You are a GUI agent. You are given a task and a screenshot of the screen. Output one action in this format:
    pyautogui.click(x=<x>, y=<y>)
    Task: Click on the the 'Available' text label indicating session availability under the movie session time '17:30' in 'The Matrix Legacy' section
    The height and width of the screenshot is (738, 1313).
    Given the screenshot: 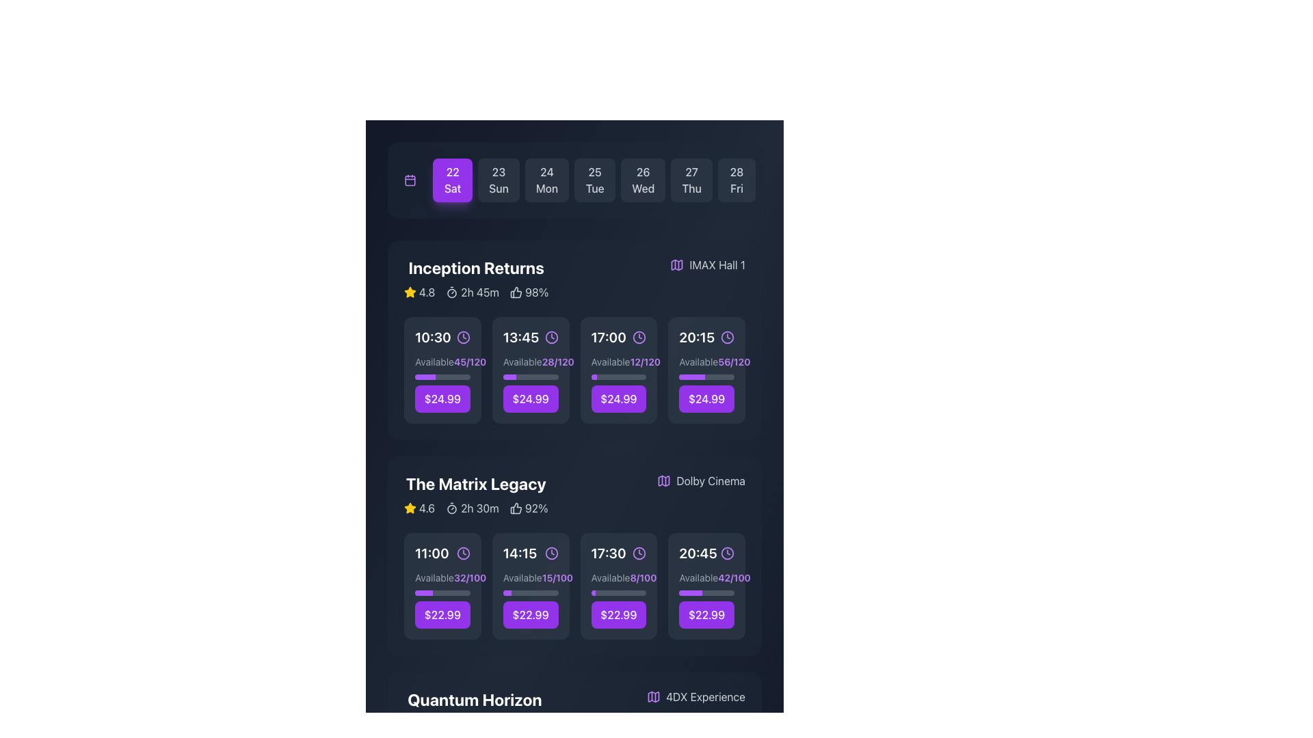 What is the action you would take?
    pyautogui.click(x=609, y=577)
    